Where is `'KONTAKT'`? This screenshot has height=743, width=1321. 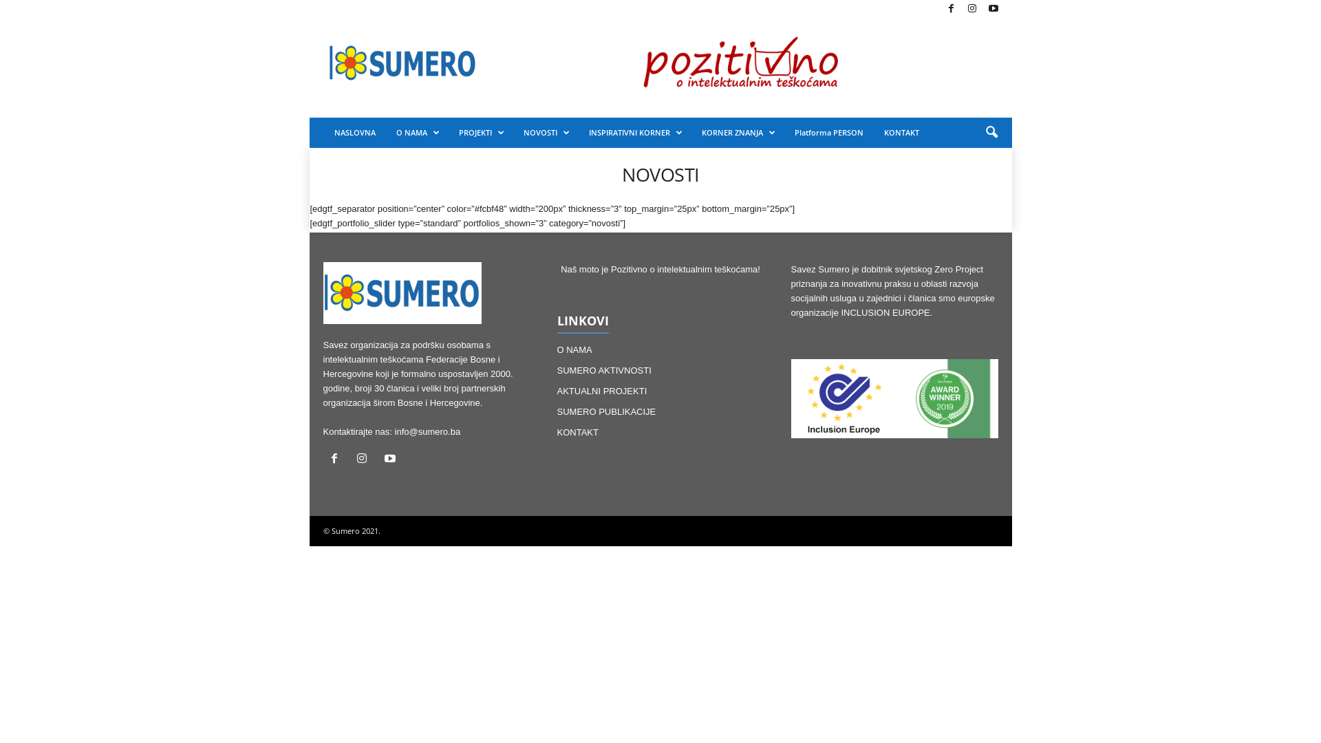 'KONTAKT' is located at coordinates (901, 132).